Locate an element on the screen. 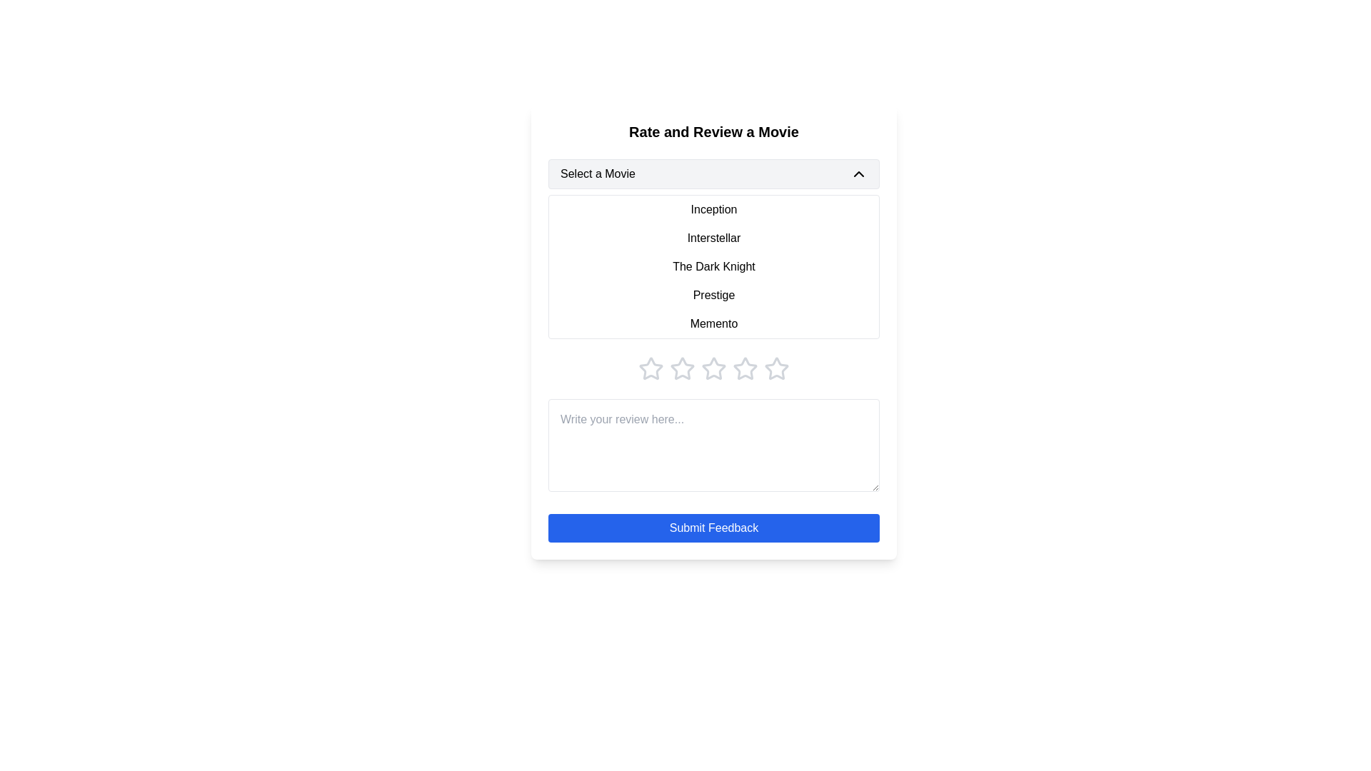 The image size is (1371, 771). the third star icon is located at coordinates (744, 368).